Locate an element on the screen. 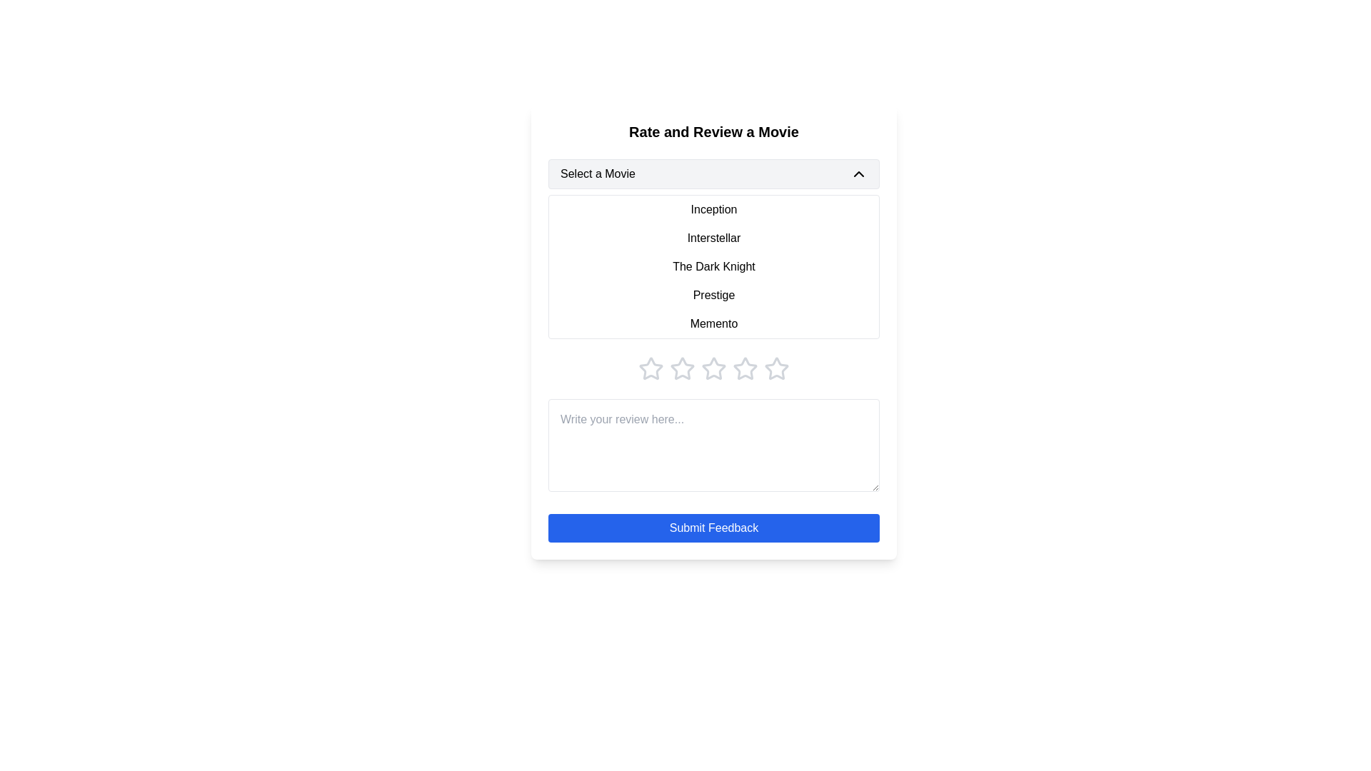 The image size is (1371, 771). the third star icon is located at coordinates (744, 368).